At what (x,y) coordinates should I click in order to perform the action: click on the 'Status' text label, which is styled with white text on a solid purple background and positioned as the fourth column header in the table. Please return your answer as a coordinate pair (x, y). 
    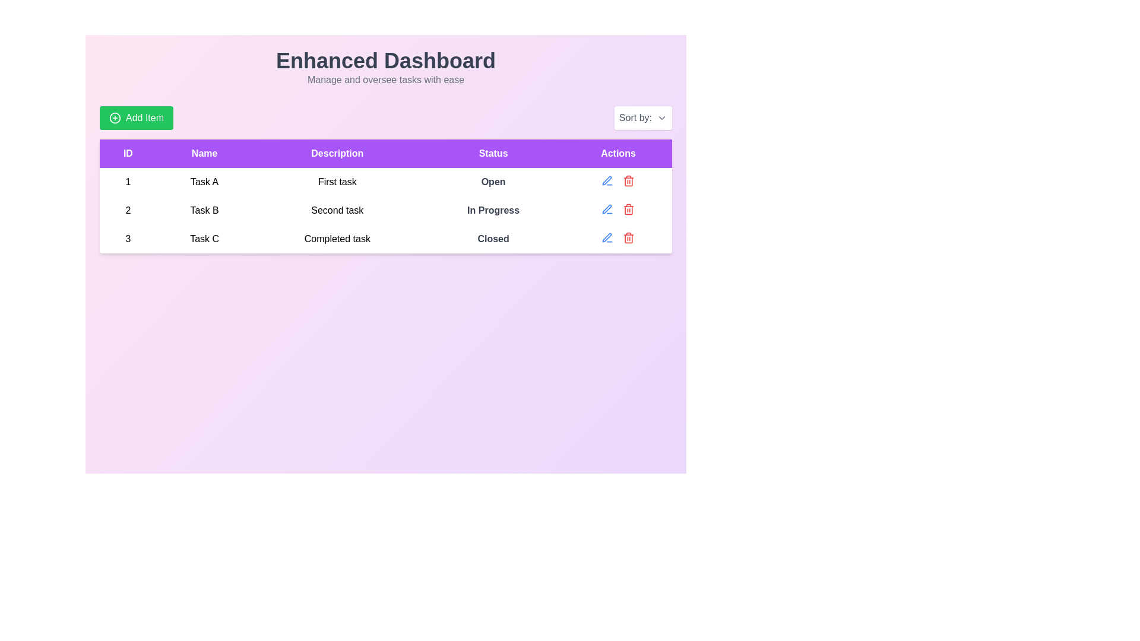
    Looking at the image, I should click on (493, 153).